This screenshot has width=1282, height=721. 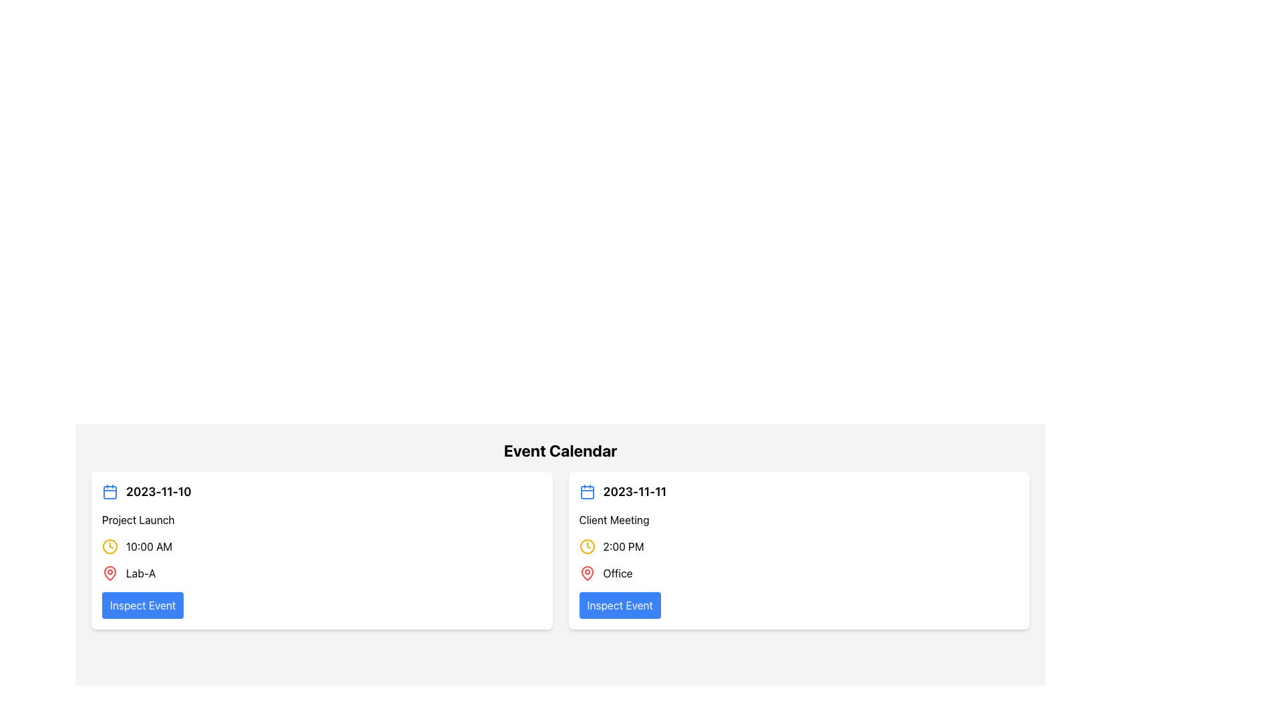 What do you see at coordinates (110, 573) in the screenshot?
I see `the red map pin icon located to the left of the text 'Lab-A' in the event details for 'Project Launch' scheduled on '2023-11-10'` at bounding box center [110, 573].